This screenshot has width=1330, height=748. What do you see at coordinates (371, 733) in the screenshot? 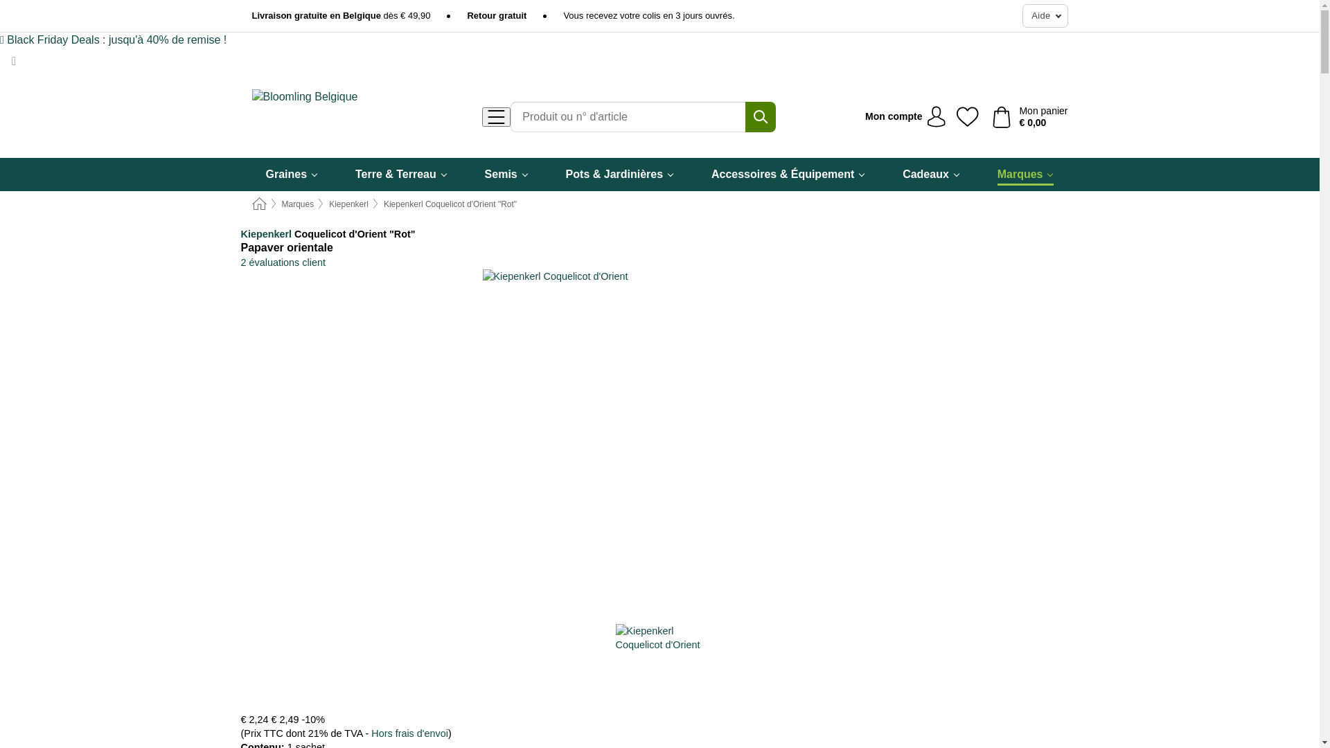
I see `'Hors frais d'envoi'` at bounding box center [371, 733].